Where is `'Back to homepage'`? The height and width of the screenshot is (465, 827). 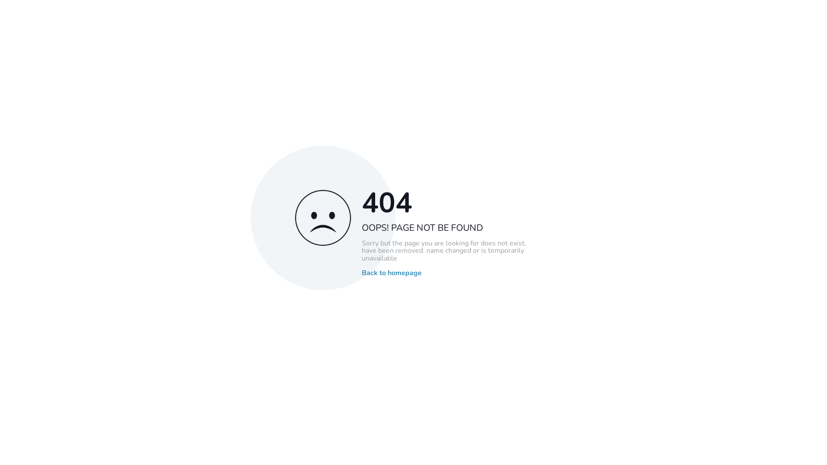 'Back to homepage' is located at coordinates (391, 273).